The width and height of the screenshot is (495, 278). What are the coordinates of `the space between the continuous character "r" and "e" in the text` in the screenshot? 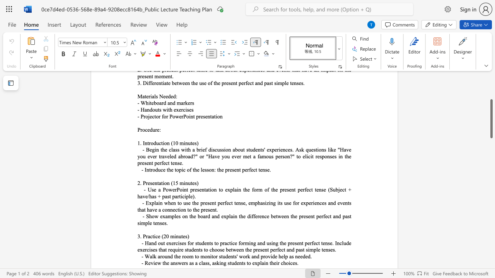 It's located at (148, 183).